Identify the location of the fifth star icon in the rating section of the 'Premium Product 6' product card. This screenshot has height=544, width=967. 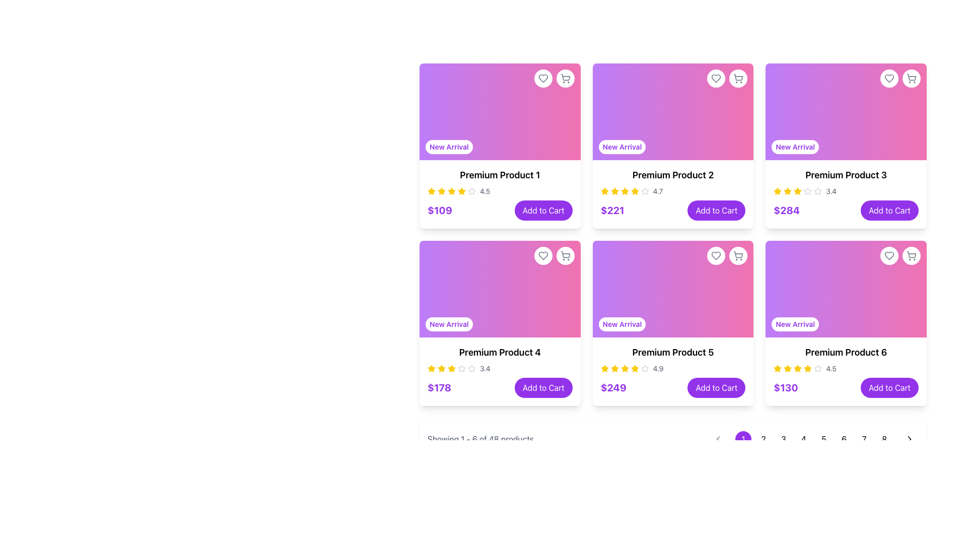
(818, 369).